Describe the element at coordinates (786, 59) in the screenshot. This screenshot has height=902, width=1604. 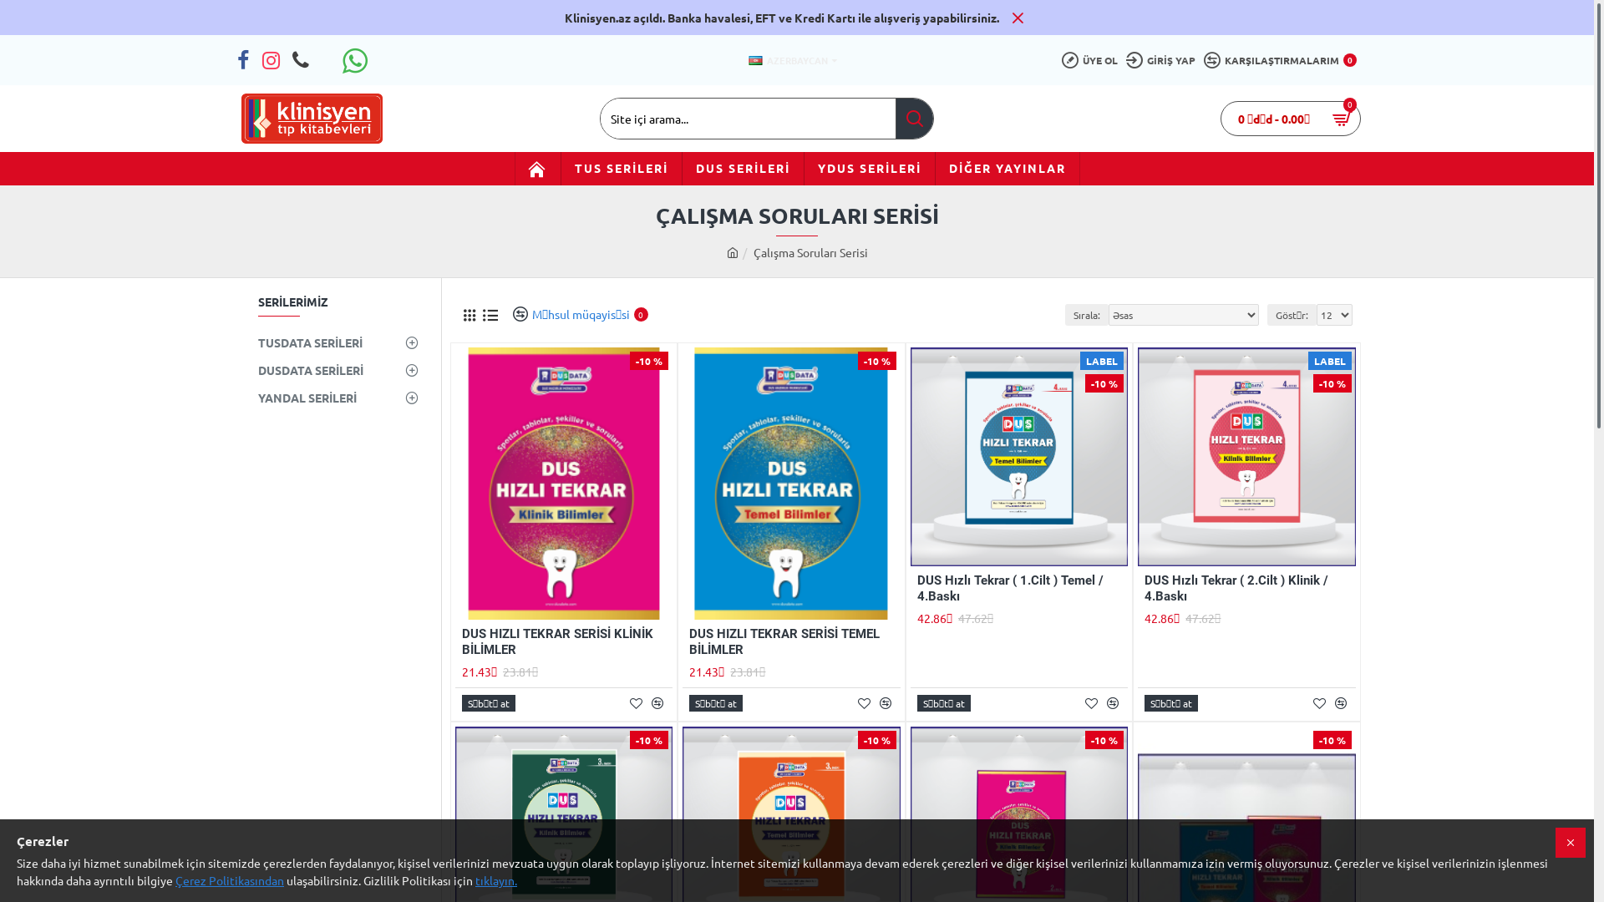
I see `'AZERBAYCAN'` at that location.